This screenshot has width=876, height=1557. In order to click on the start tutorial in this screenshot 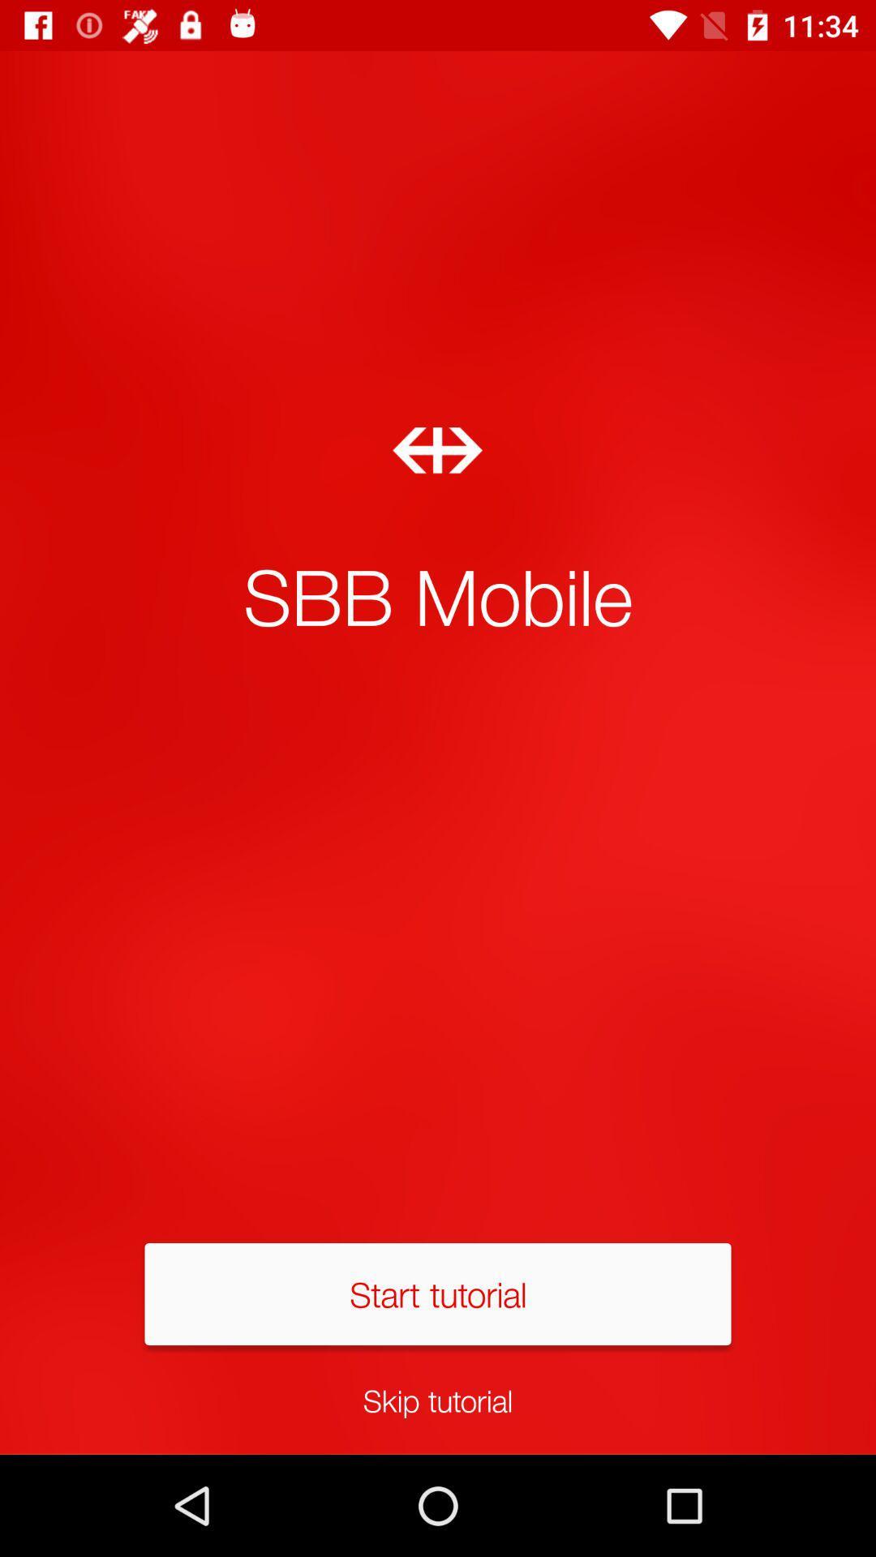, I will do `click(438, 1293)`.